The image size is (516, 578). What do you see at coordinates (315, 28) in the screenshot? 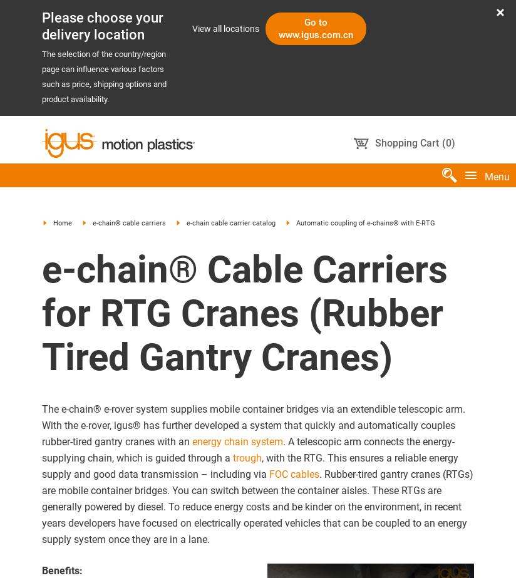
I see `'Go to www.igus.com.cn'` at bounding box center [315, 28].